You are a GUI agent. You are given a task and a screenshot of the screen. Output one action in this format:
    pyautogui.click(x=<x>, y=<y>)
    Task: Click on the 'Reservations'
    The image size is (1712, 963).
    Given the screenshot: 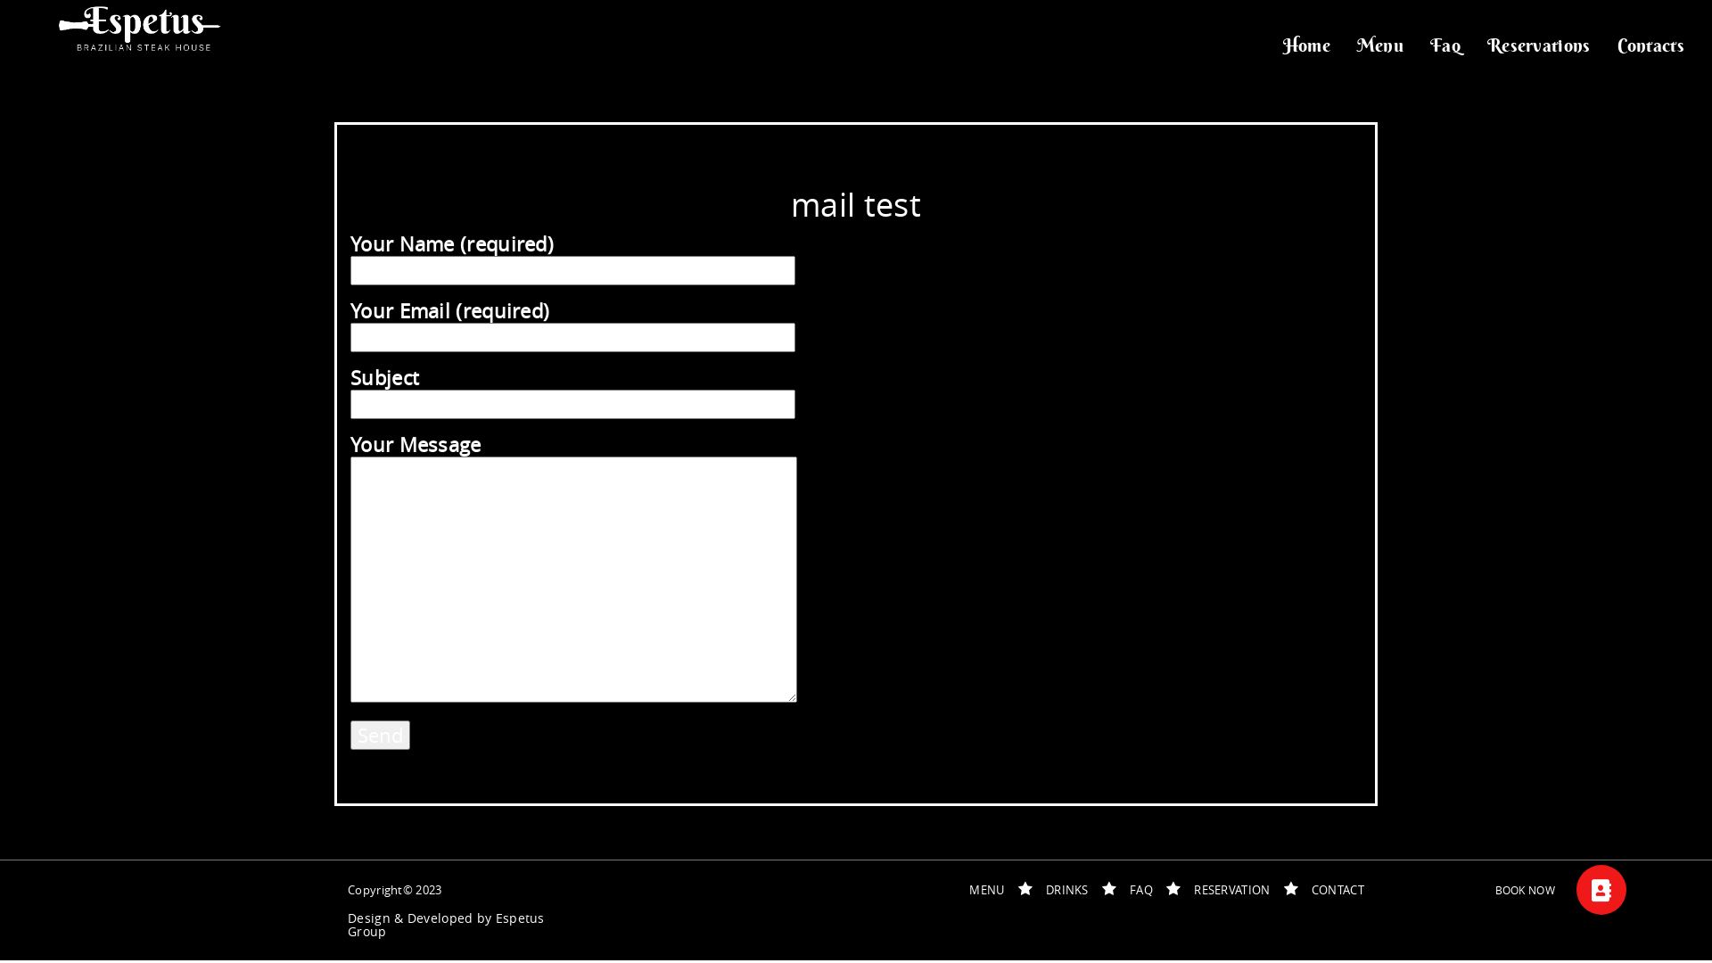 What is the action you would take?
    pyautogui.click(x=1538, y=44)
    